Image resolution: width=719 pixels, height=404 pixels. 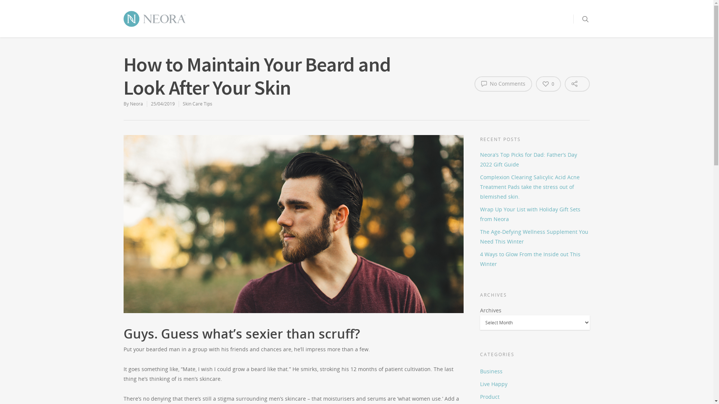 What do you see at coordinates (503, 84) in the screenshot?
I see `'No Comments'` at bounding box center [503, 84].